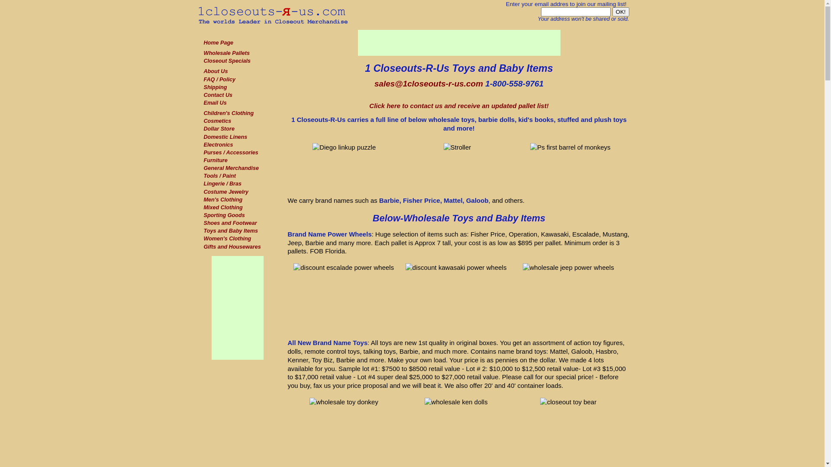 This screenshot has width=831, height=467. I want to click on 'Tools / Paint', so click(203, 176).